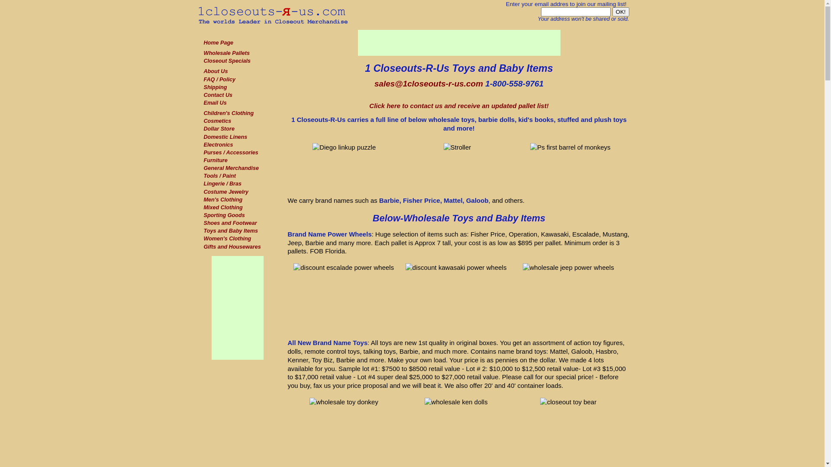 This screenshot has width=831, height=467. I want to click on 'Tools / Paint', so click(203, 176).